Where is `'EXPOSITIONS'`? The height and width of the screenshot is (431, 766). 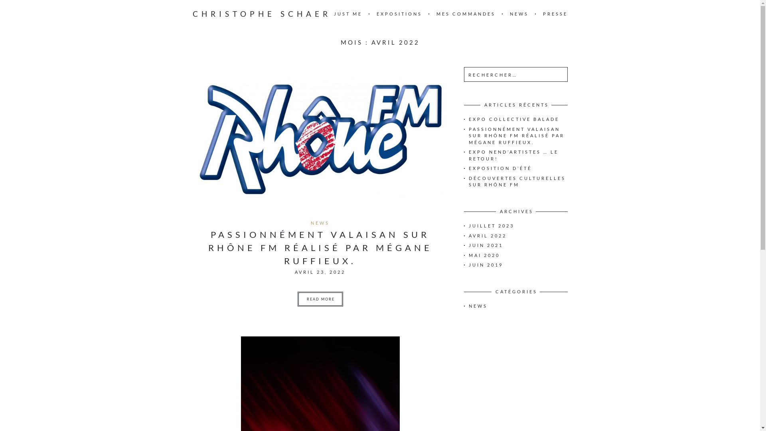
'EXPOSITIONS' is located at coordinates (399, 14).